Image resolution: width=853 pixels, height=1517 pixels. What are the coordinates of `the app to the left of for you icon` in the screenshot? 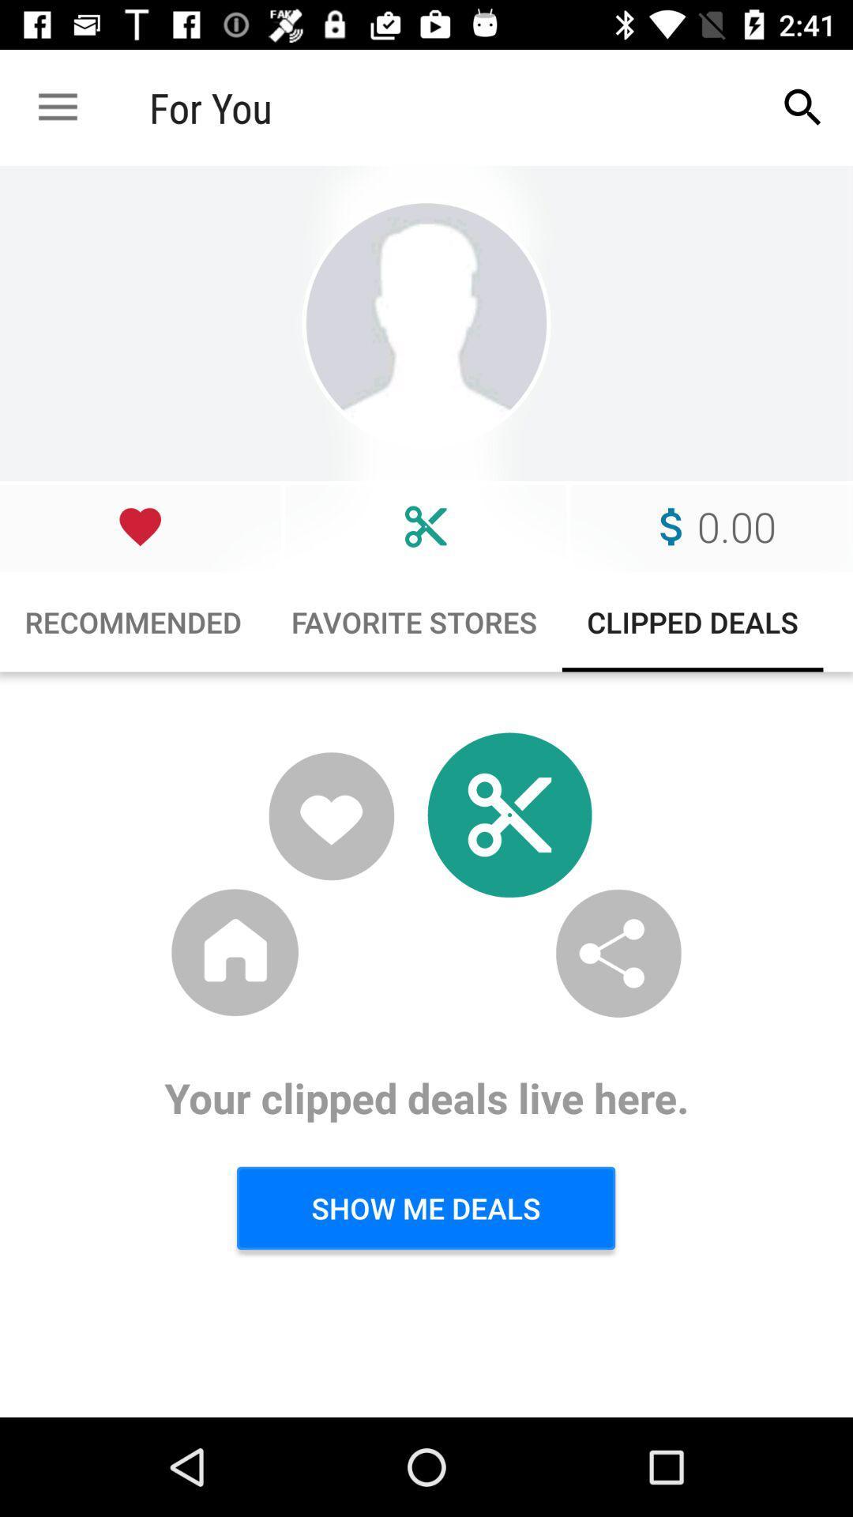 It's located at (57, 107).